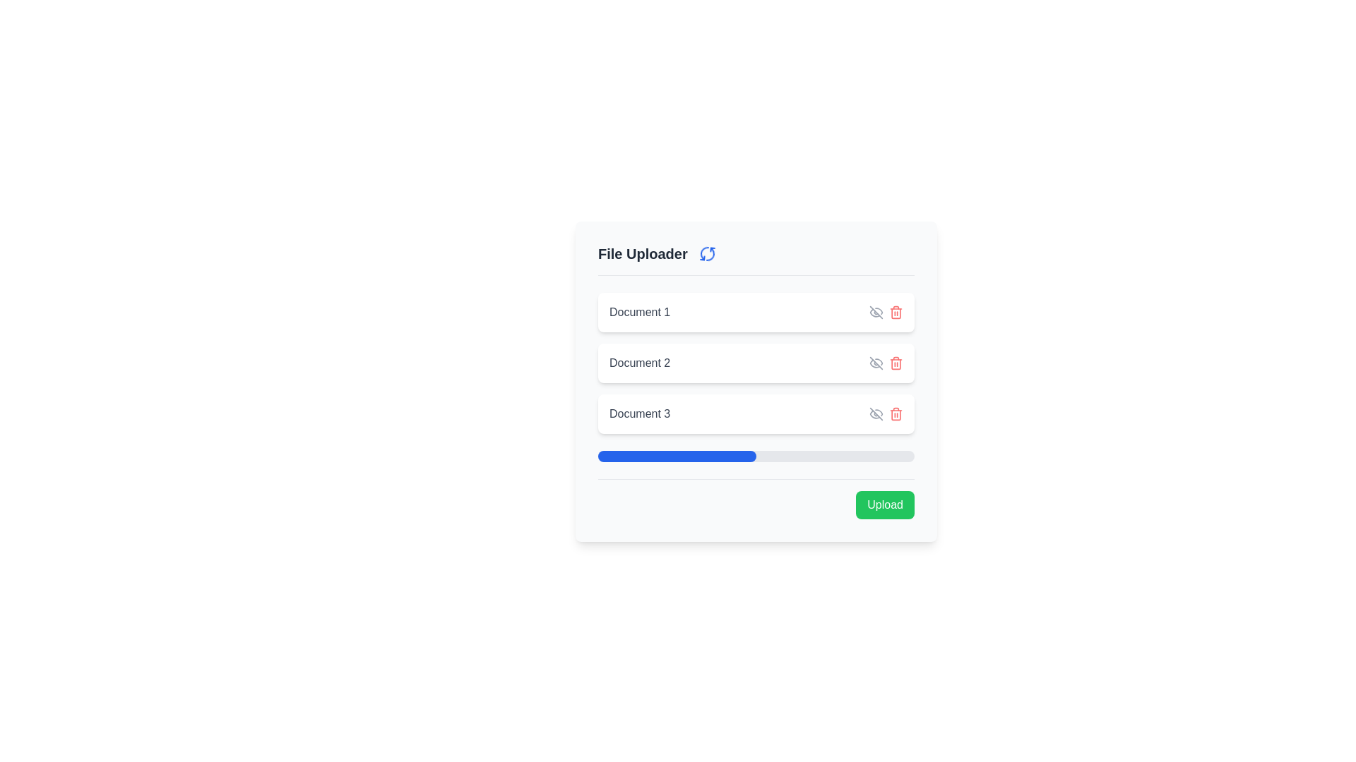 This screenshot has height=762, width=1356. I want to click on the 'Upload' button, which has a green background and white text, located in the lower-right corner of the interface, so click(884, 504).